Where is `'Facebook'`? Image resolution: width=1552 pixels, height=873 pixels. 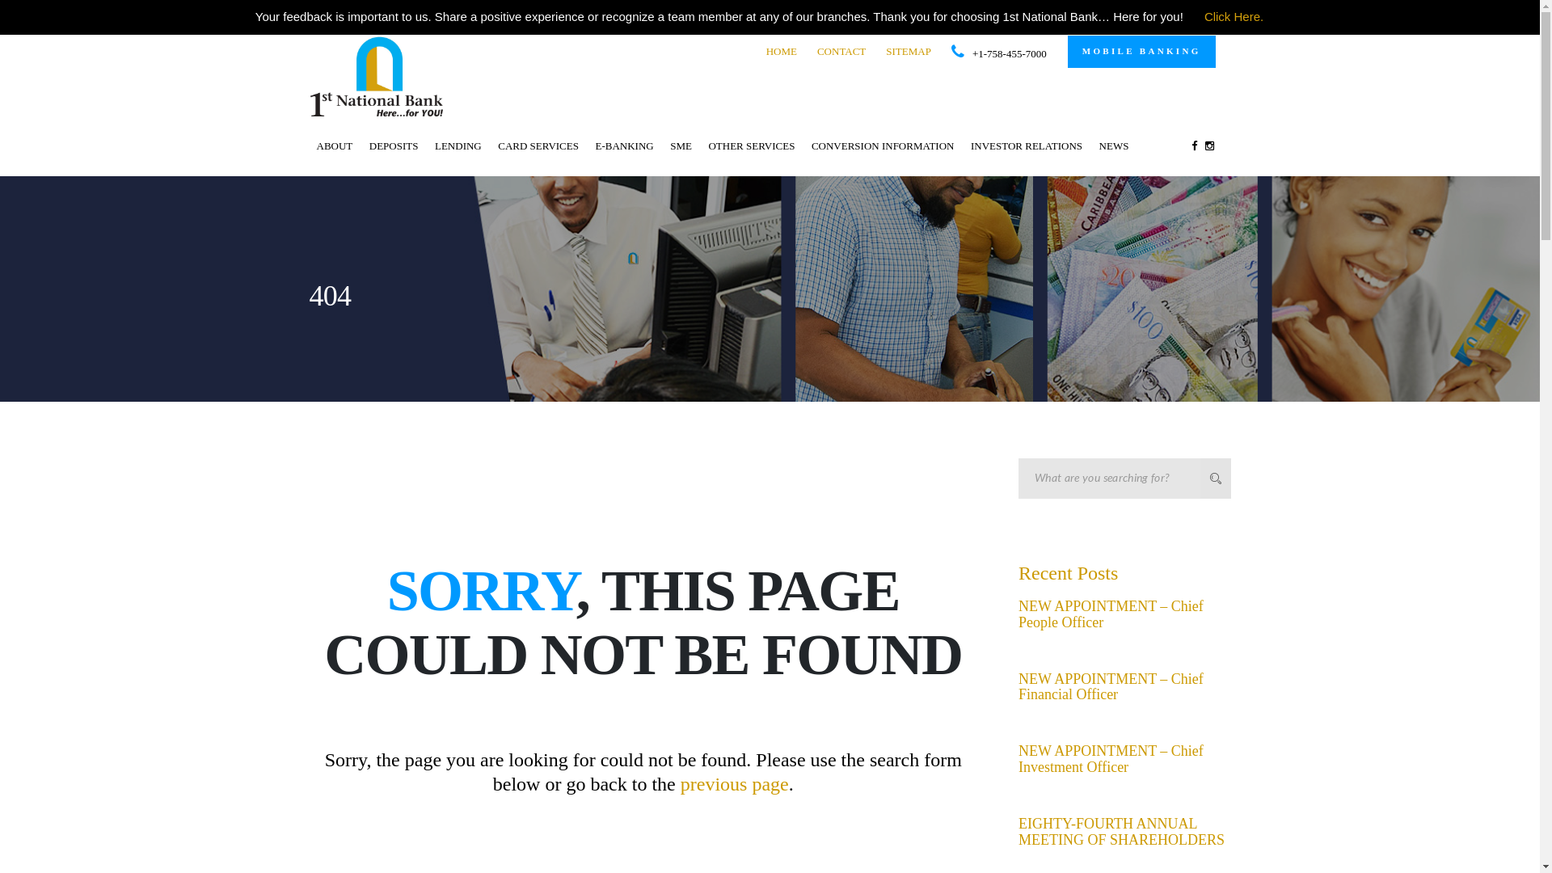 'Facebook' is located at coordinates (1187, 145).